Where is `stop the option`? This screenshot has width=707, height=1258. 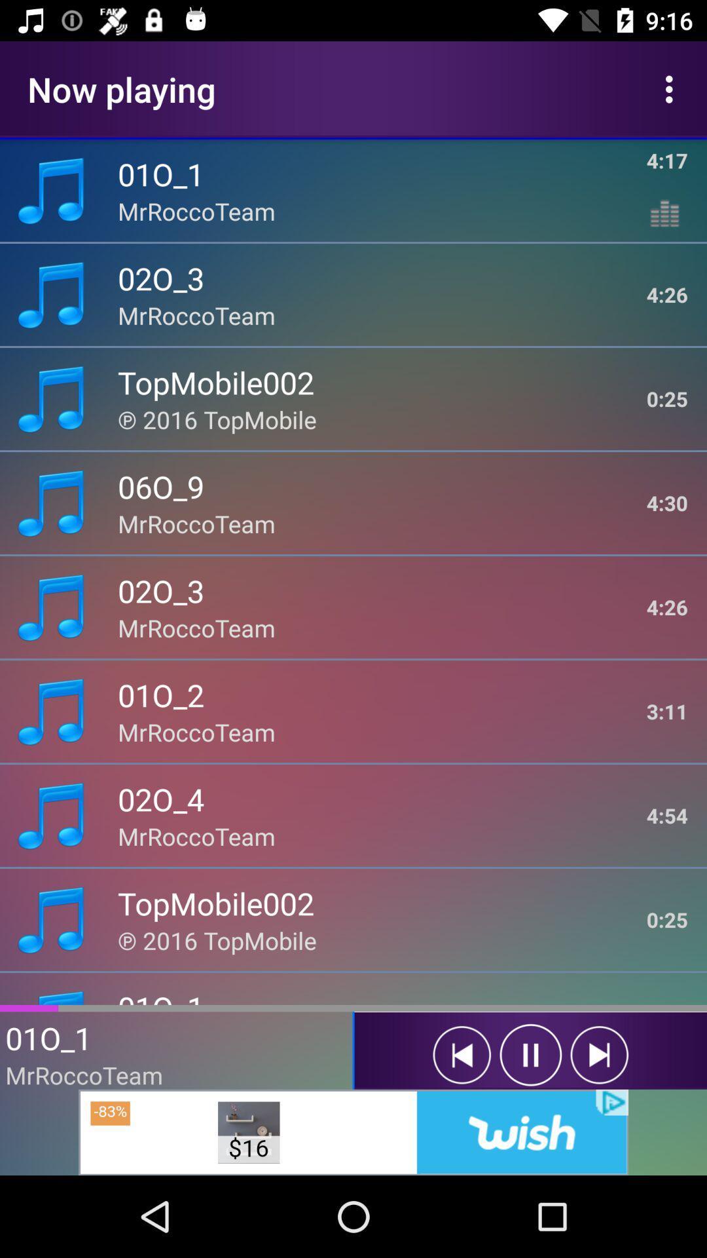 stop the option is located at coordinates (530, 1055).